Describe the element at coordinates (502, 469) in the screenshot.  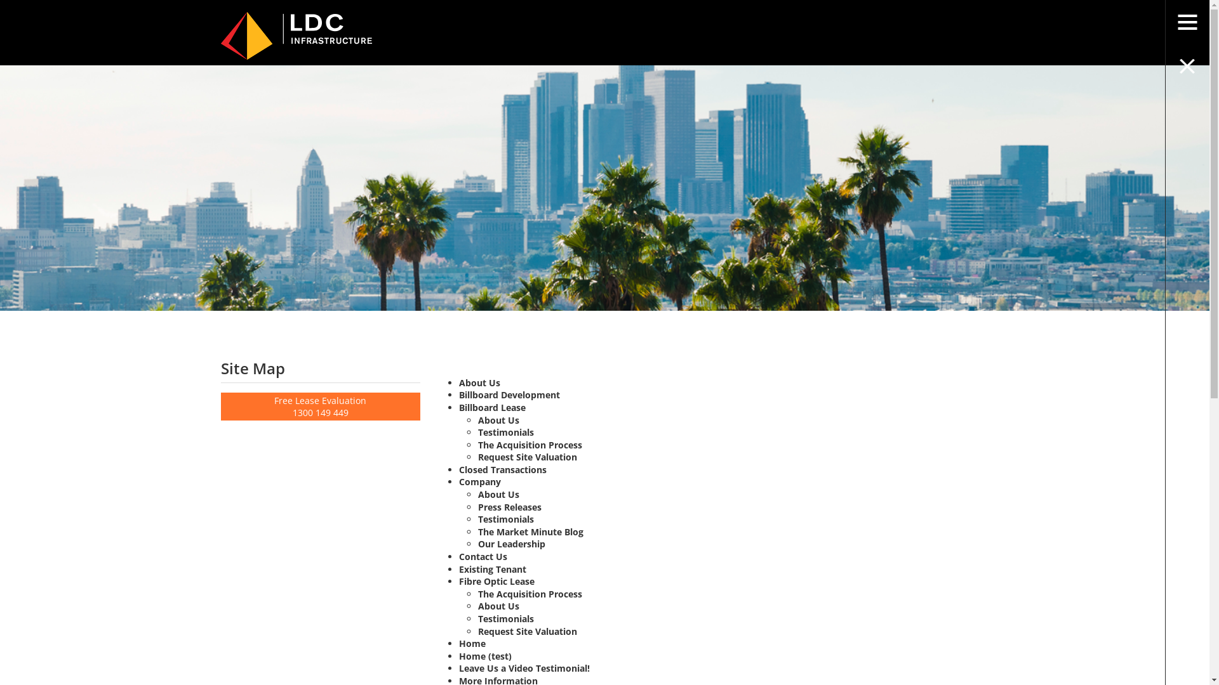
I see `'Closed Transactions'` at that location.